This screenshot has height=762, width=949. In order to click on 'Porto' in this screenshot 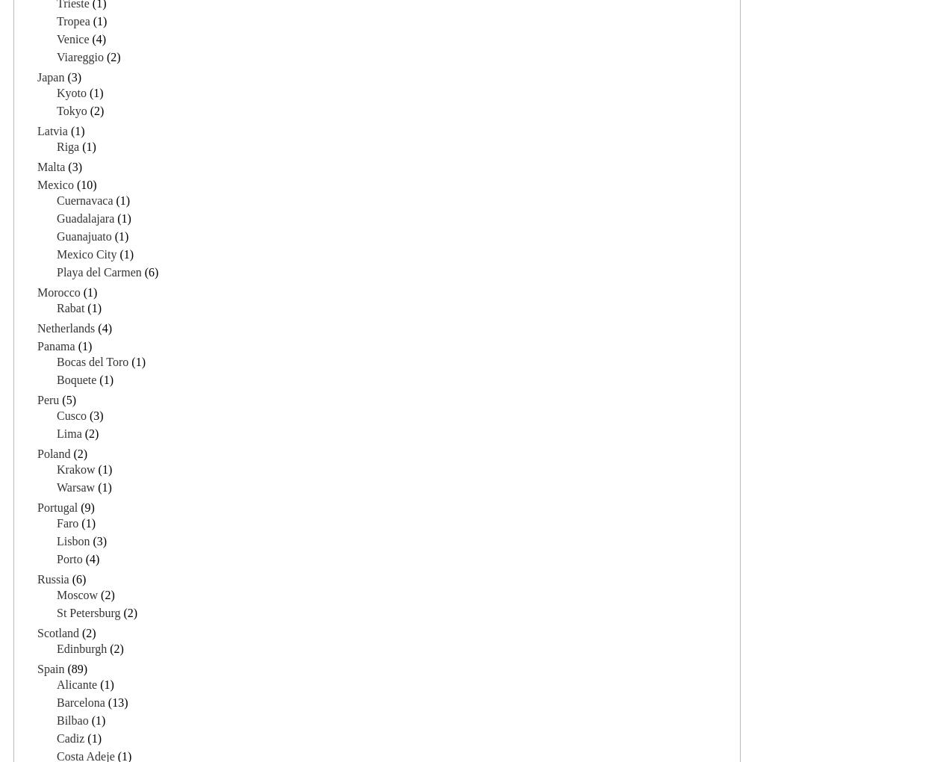, I will do `click(57, 558)`.